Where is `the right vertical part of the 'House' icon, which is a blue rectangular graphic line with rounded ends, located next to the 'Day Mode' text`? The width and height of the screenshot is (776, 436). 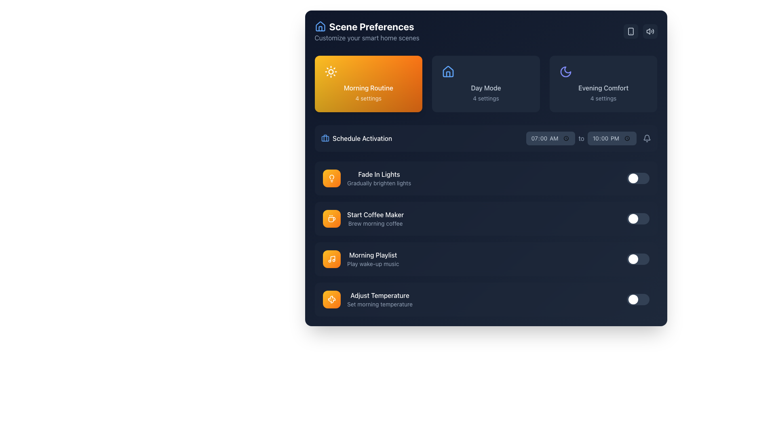 the right vertical part of the 'House' icon, which is a blue rectangular graphic line with rounded ends, located next to the 'Day Mode' text is located at coordinates (448, 74).